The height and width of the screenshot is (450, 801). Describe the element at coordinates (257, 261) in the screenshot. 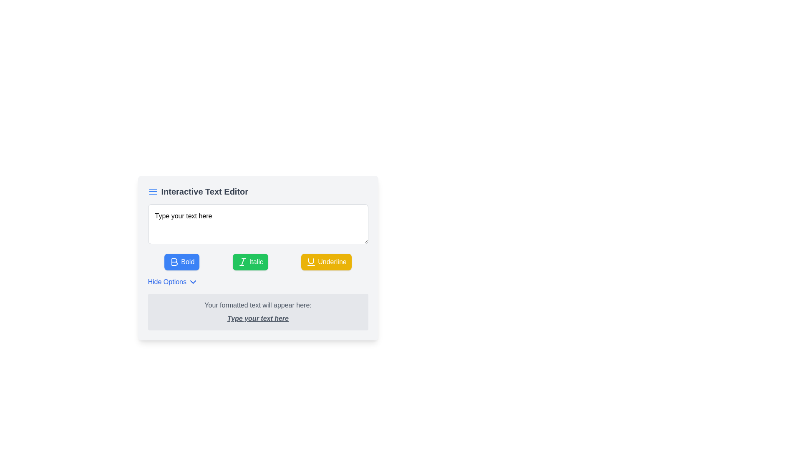

I see `the green 'Italic' button, which features an 'I' icon and is positioned between the 'Bold' and 'Underline' buttons in the text editor interface` at that location.